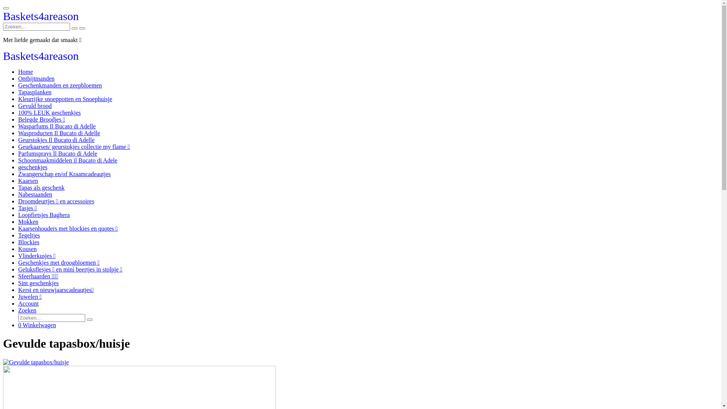 The height and width of the screenshot is (409, 727). Describe the element at coordinates (38, 283) in the screenshot. I see `'Sint geschenkjes'` at that location.